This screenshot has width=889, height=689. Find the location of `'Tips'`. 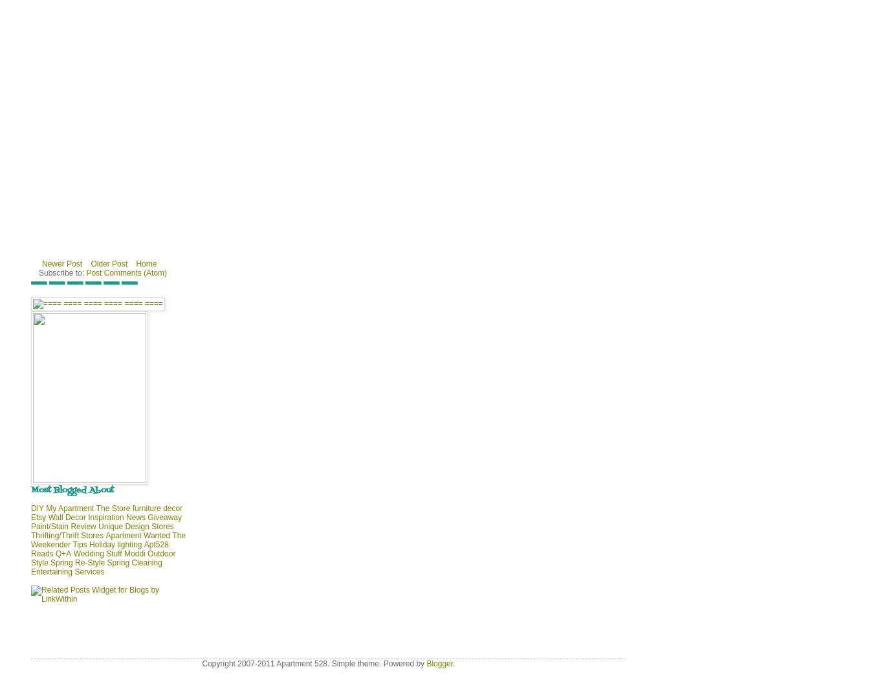

'Tips' is located at coordinates (78, 544).